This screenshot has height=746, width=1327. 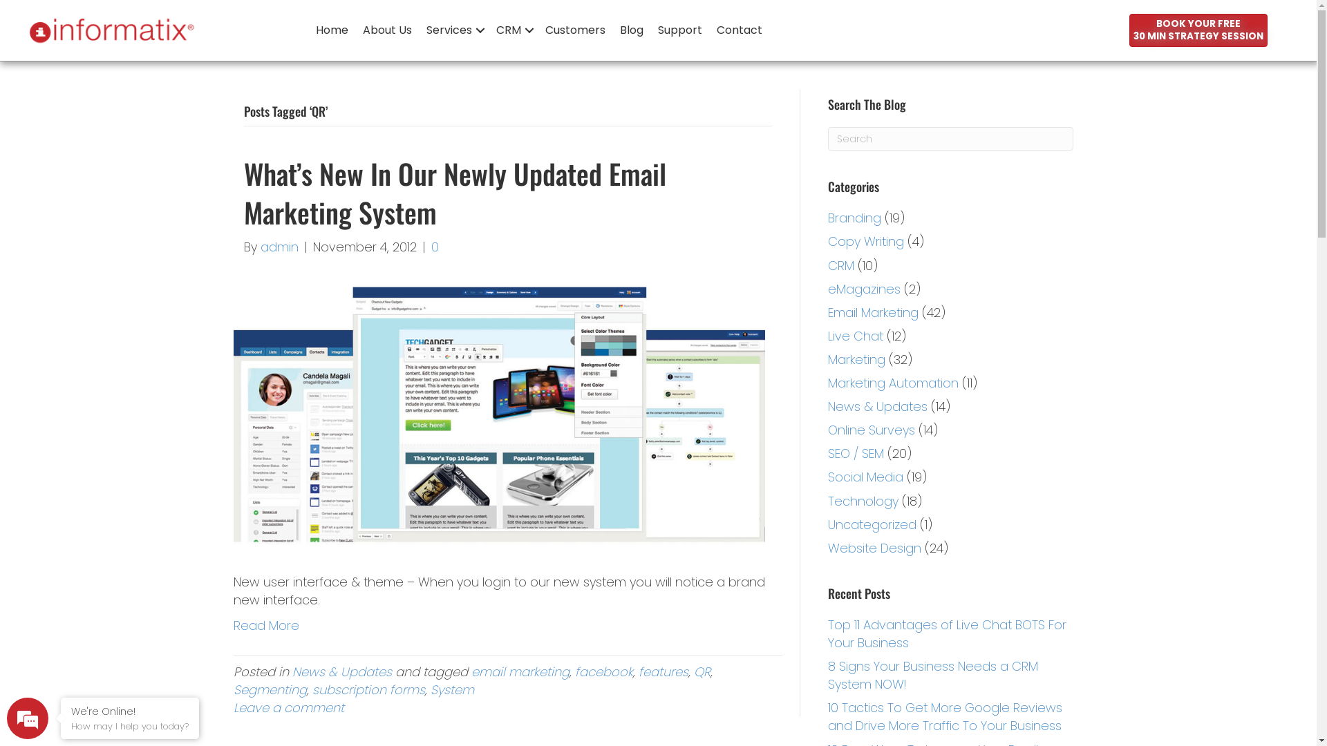 I want to click on 'System', so click(x=451, y=689).